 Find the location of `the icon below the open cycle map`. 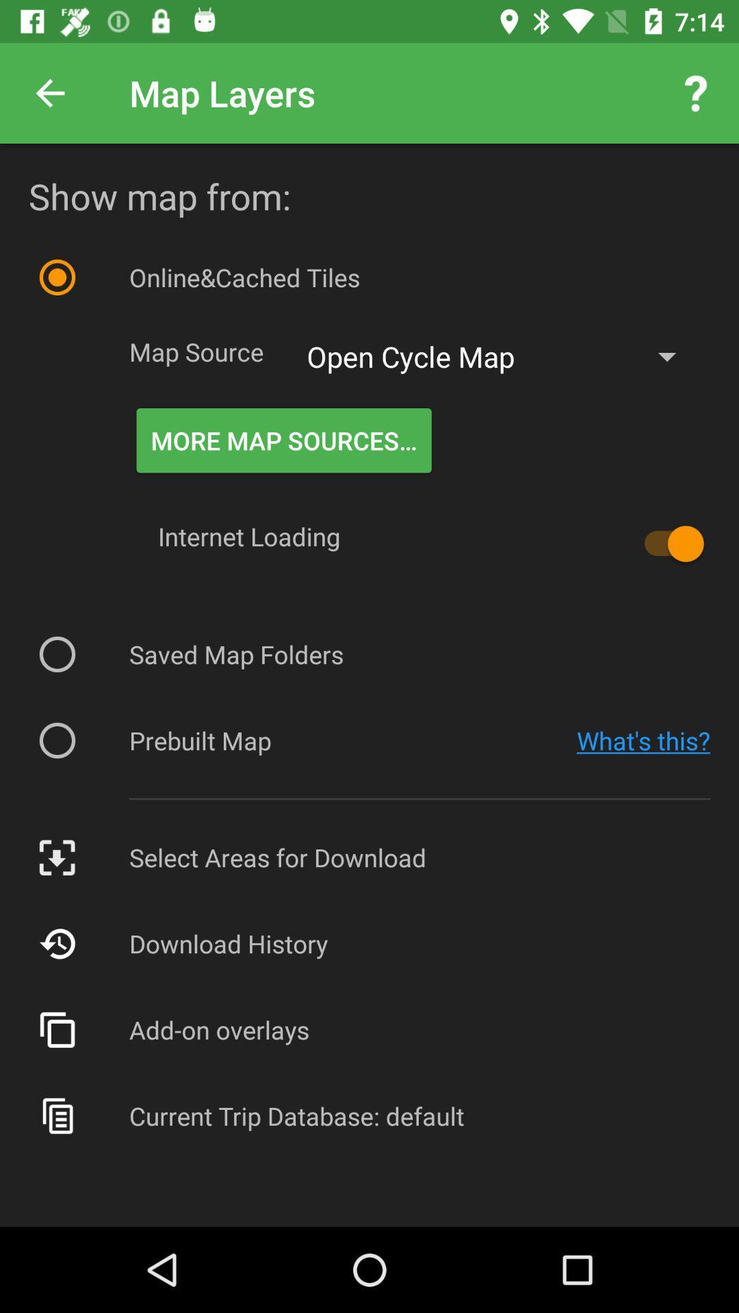

the icon below the open cycle map is located at coordinates (283, 440).